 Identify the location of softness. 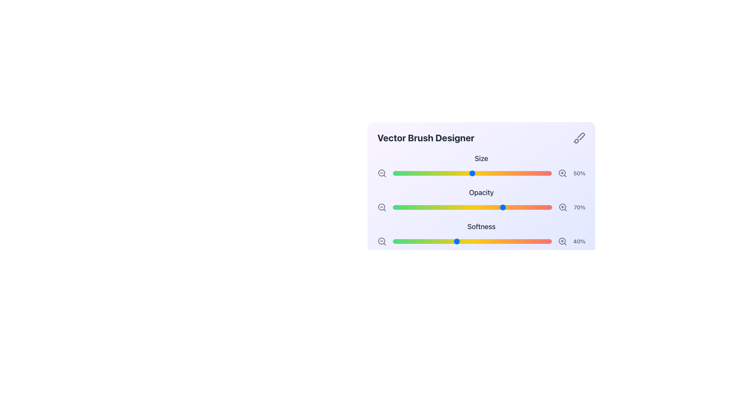
(510, 241).